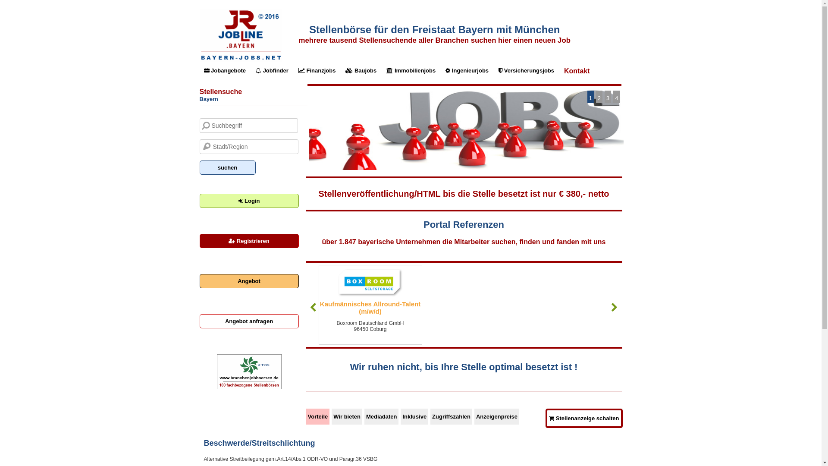 Image resolution: width=828 pixels, height=466 pixels. Describe the element at coordinates (452, 416) in the screenshot. I see `'Zugriffszahlen'` at that location.